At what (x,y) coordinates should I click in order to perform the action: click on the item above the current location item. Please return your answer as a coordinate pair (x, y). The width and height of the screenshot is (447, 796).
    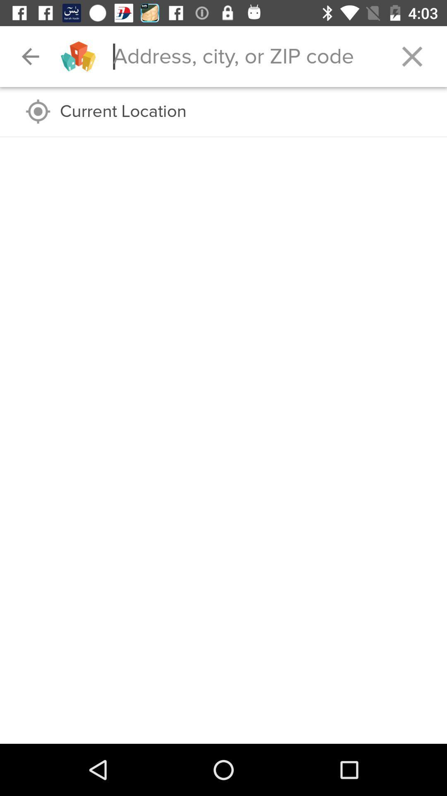
    Looking at the image, I should click on (30, 56).